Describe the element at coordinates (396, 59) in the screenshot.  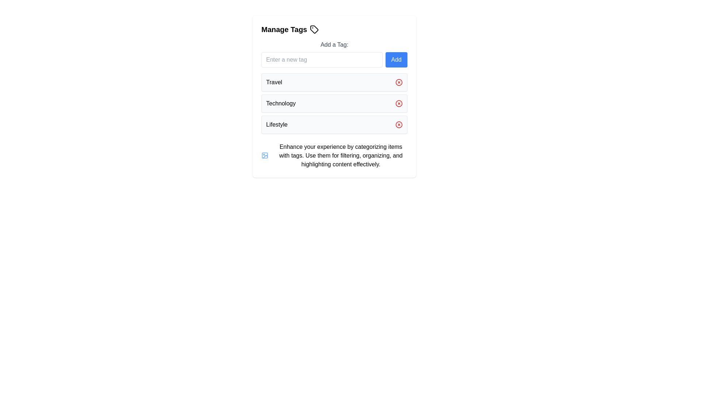
I see `the 'Add' button with a blue background and white text, located in the top-right of the 'Manage Tags' section` at that location.